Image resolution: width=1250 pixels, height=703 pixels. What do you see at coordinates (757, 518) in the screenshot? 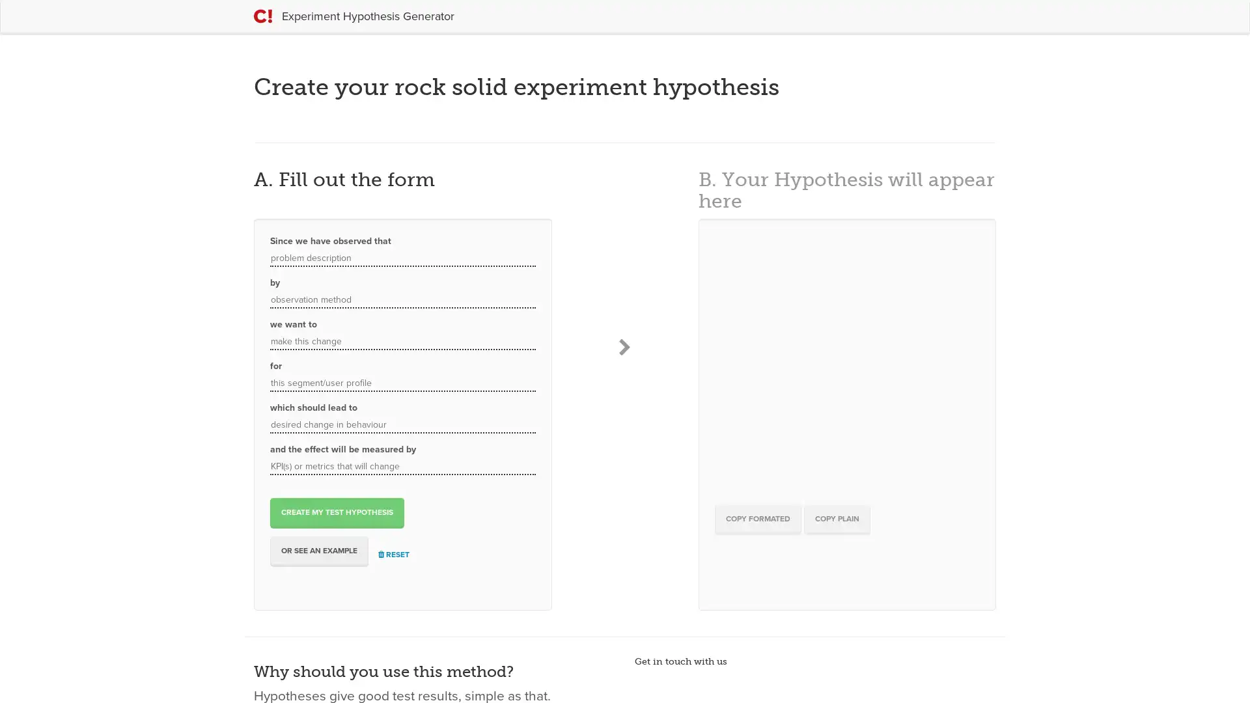
I see `COPY FORMATED` at bounding box center [757, 518].